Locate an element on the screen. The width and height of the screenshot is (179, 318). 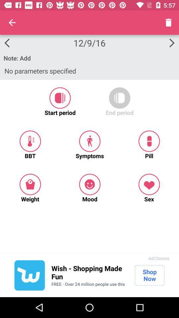
the item next to wish shopping made is located at coordinates (29, 275).